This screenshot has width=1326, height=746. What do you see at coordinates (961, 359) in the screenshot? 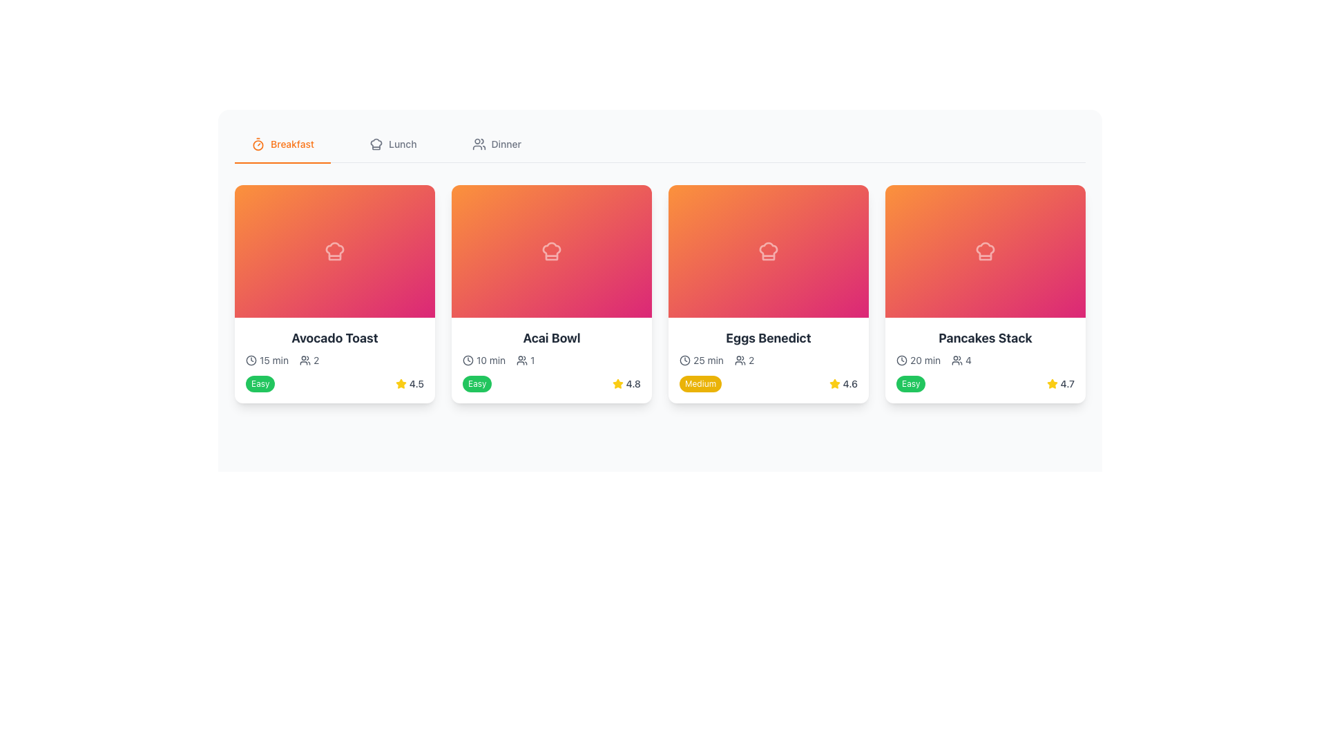
I see `displayed user count information, which shows '4' next to the icon representing people, located below the title 'Pancakes Stack' in the fourth card from the left` at bounding box center [961, 359].